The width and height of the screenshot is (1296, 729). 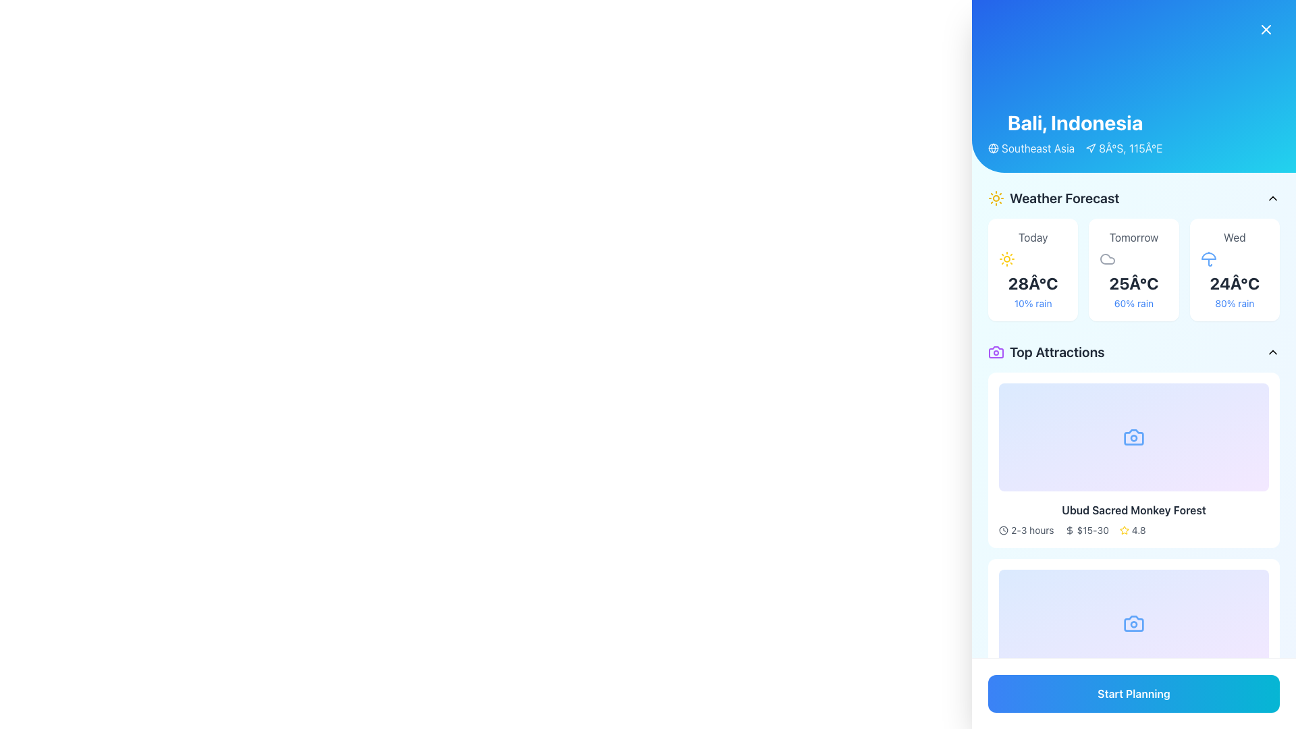 I want to click on the static text header displaying the word 'Tomorrow' in gray font, which is positioned at the top of the weather forecast card, so click(x=1134, y=236).